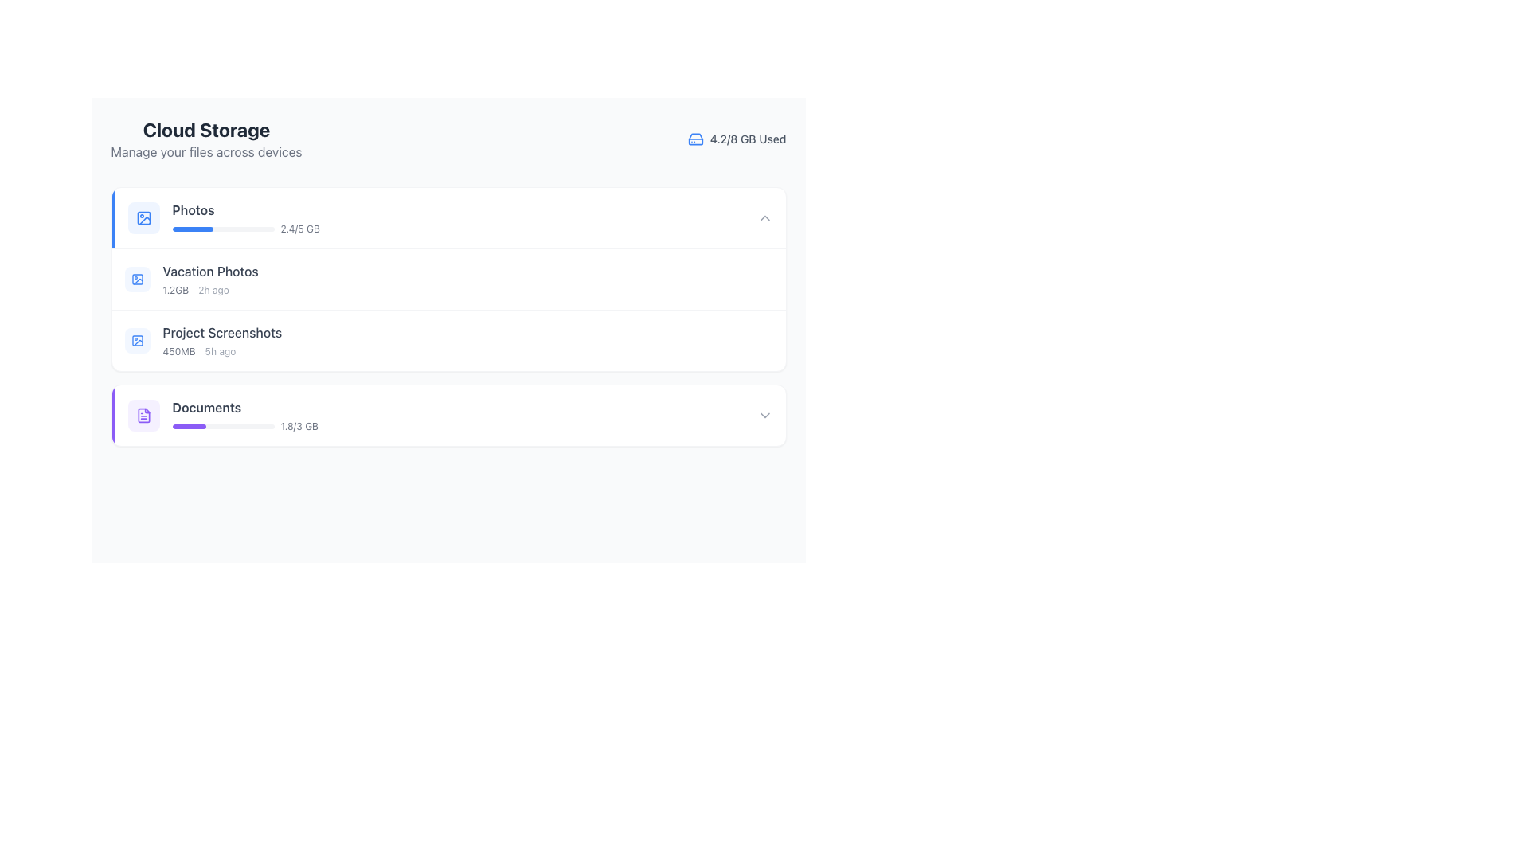 The height and width of the screenshot is (860, 1529). Describe the element at coordinates (764, 217) in the screenshot. I see `the downward-pointing chevron icon located in the upper right corner of the 'Photos, 2.4/5 GB' block` at that location.